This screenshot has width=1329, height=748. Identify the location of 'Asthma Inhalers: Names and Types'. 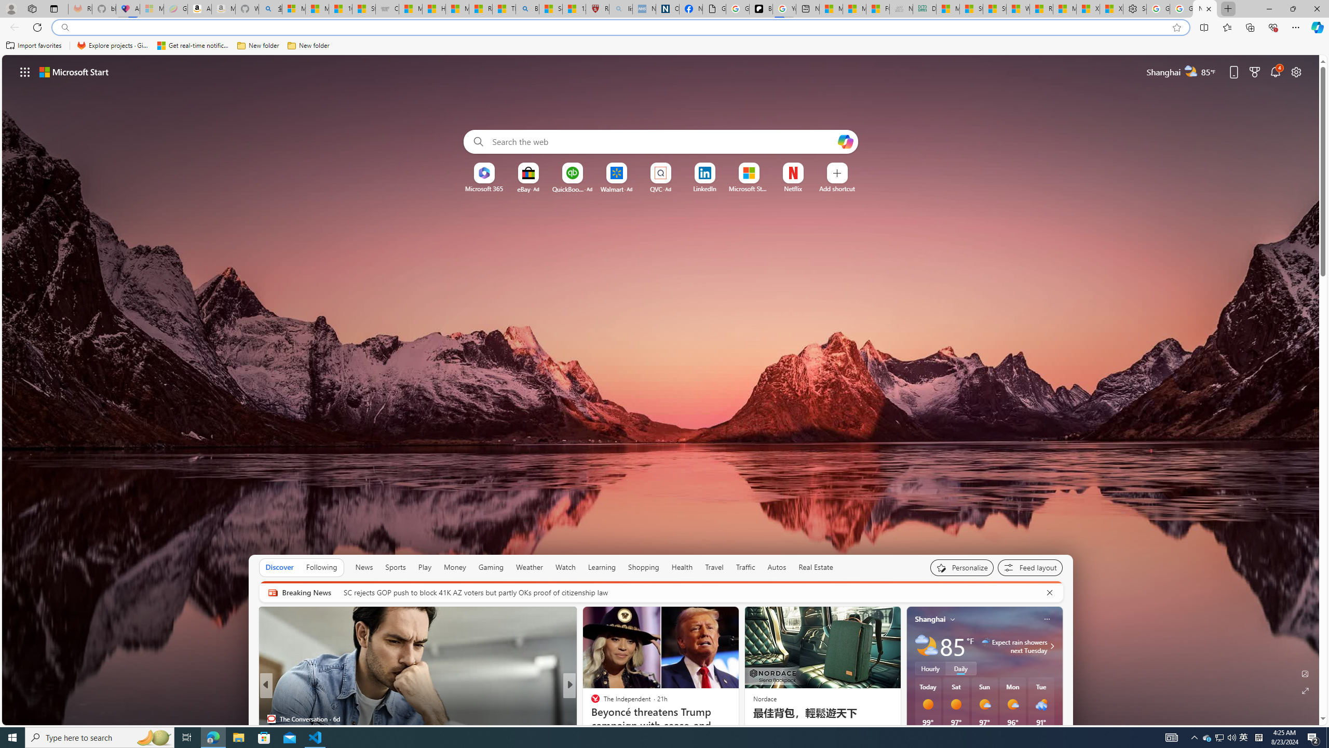
(128, 8).